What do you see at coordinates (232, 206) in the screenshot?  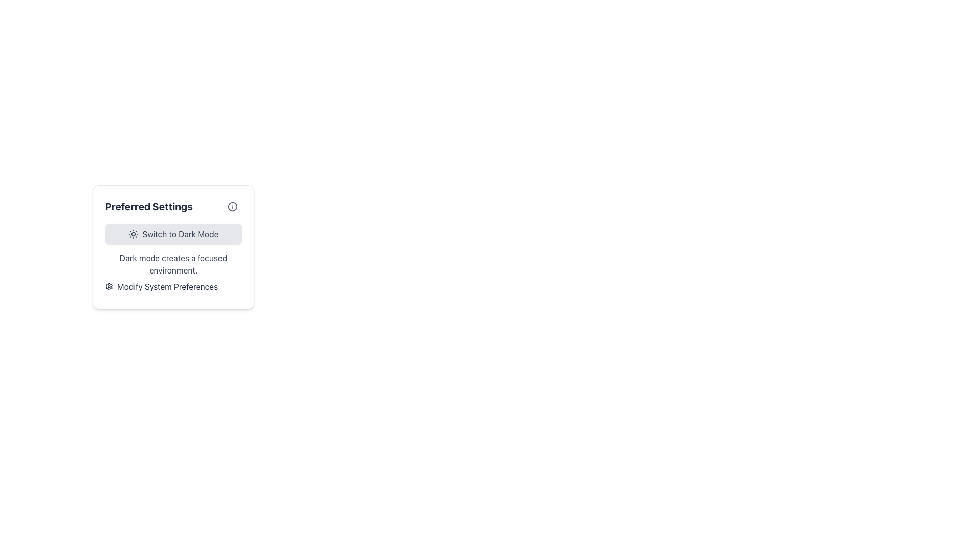 I see `the enclosing icon that contains the circular shape representing an informational graphic located at the top-right corner of the 'Preferred Settings' box` at bounding box center [232, 206].